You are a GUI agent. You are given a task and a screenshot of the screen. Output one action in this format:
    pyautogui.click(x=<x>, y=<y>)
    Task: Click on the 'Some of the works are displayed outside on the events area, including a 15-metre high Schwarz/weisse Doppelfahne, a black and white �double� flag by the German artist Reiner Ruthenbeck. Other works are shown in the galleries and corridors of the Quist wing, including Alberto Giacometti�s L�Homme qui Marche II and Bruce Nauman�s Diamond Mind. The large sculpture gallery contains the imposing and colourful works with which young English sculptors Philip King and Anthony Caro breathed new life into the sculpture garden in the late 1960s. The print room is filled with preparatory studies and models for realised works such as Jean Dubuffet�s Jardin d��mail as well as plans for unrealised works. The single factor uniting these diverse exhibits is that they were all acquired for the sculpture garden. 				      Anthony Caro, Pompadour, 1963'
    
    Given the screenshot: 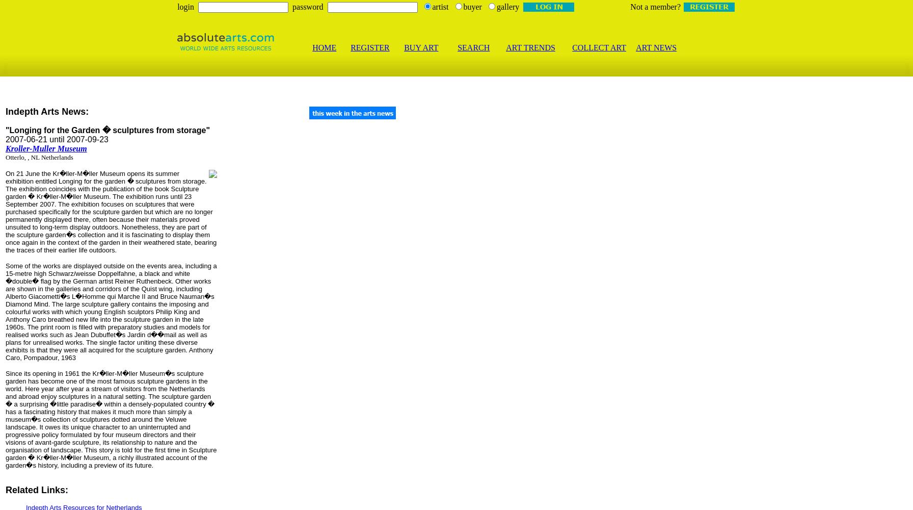 What is the action you would take?
    pyautogui.click(x=111, y=311)
    